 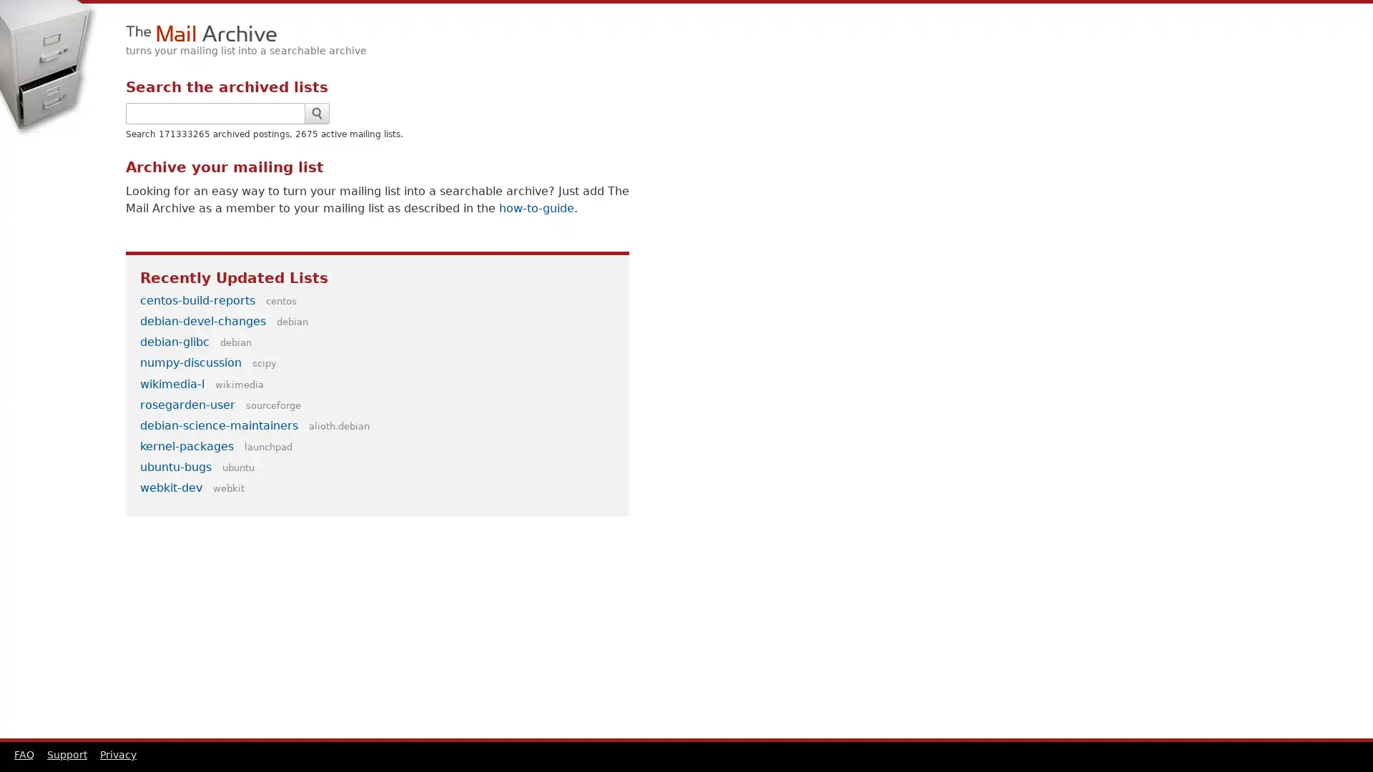 What do you see at coordinates (315, 112) in the screenshot?
I see `Search` at bounding box center [315, 112].